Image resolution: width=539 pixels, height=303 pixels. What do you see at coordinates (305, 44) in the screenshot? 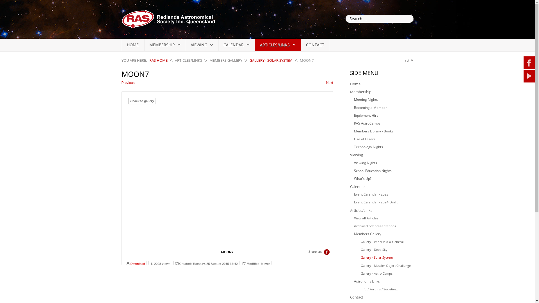
I see `'CONTACT'` at bounding box center [305, 44].